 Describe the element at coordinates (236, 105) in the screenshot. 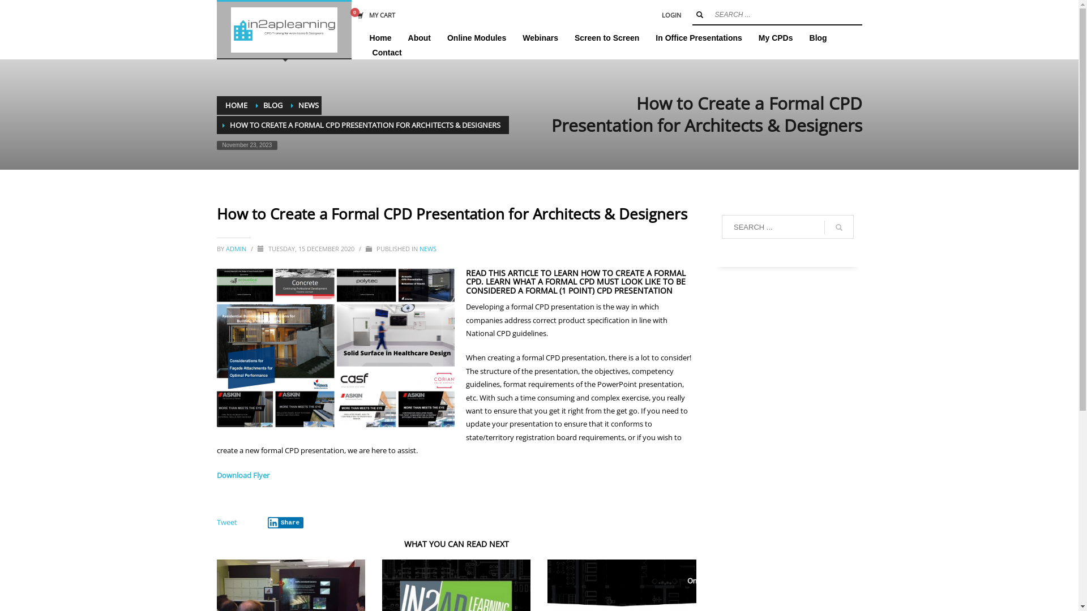

I see `'HOME'` at that location.